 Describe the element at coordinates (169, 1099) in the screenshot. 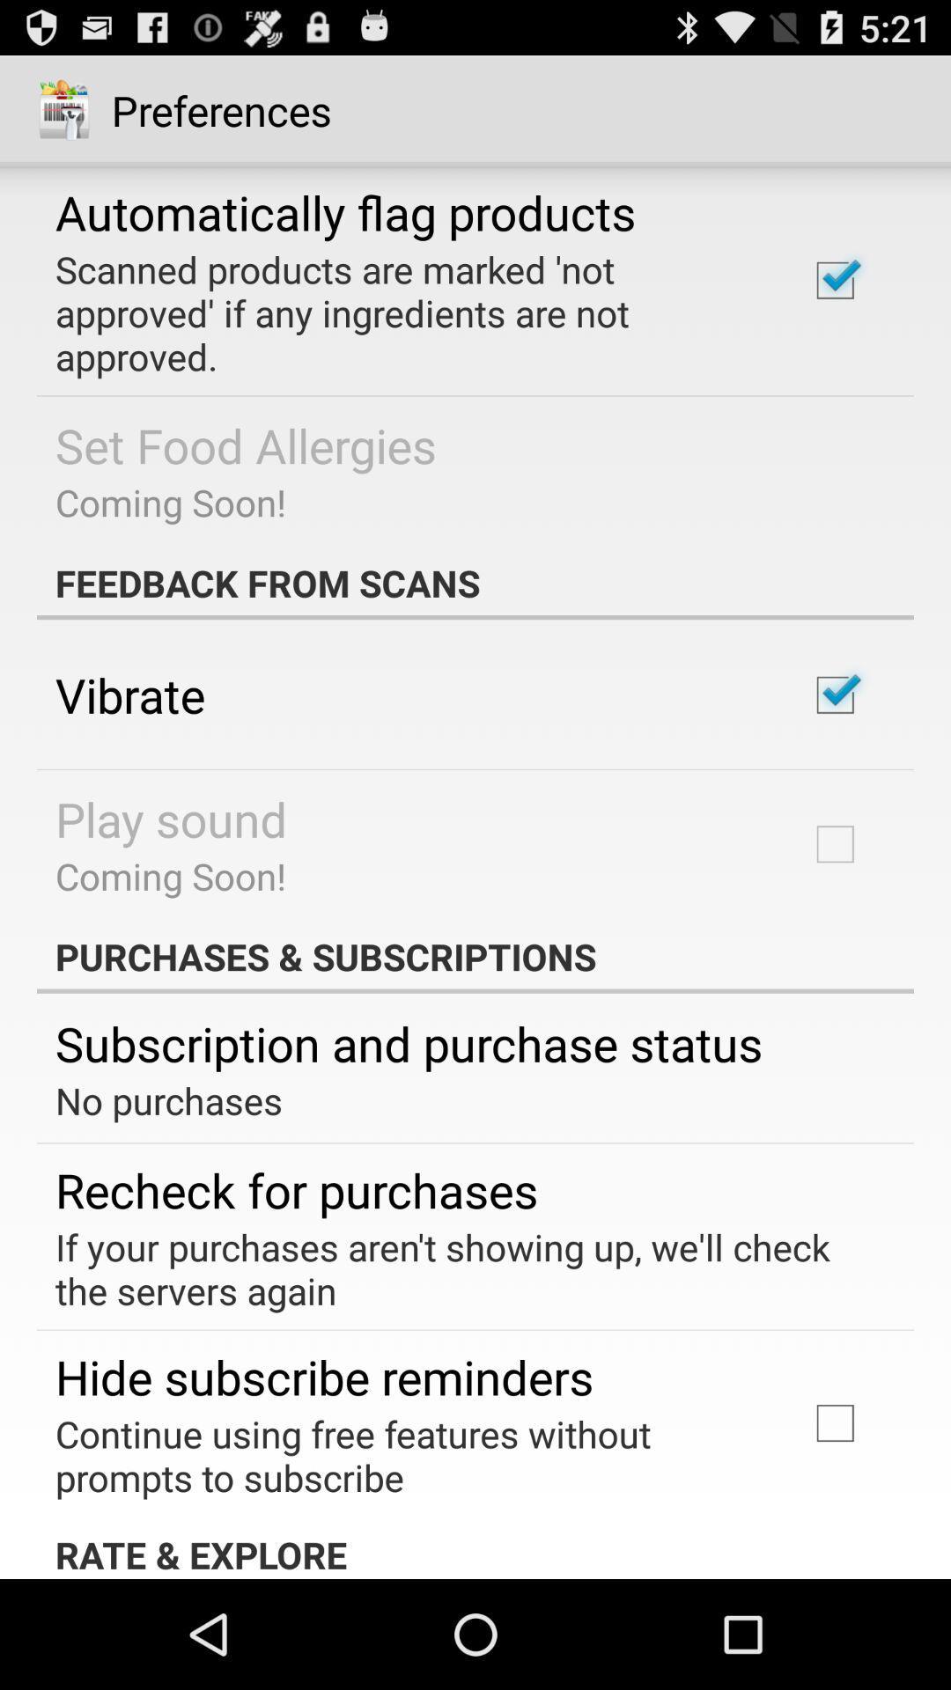

I see `the no purchases app` at that location.